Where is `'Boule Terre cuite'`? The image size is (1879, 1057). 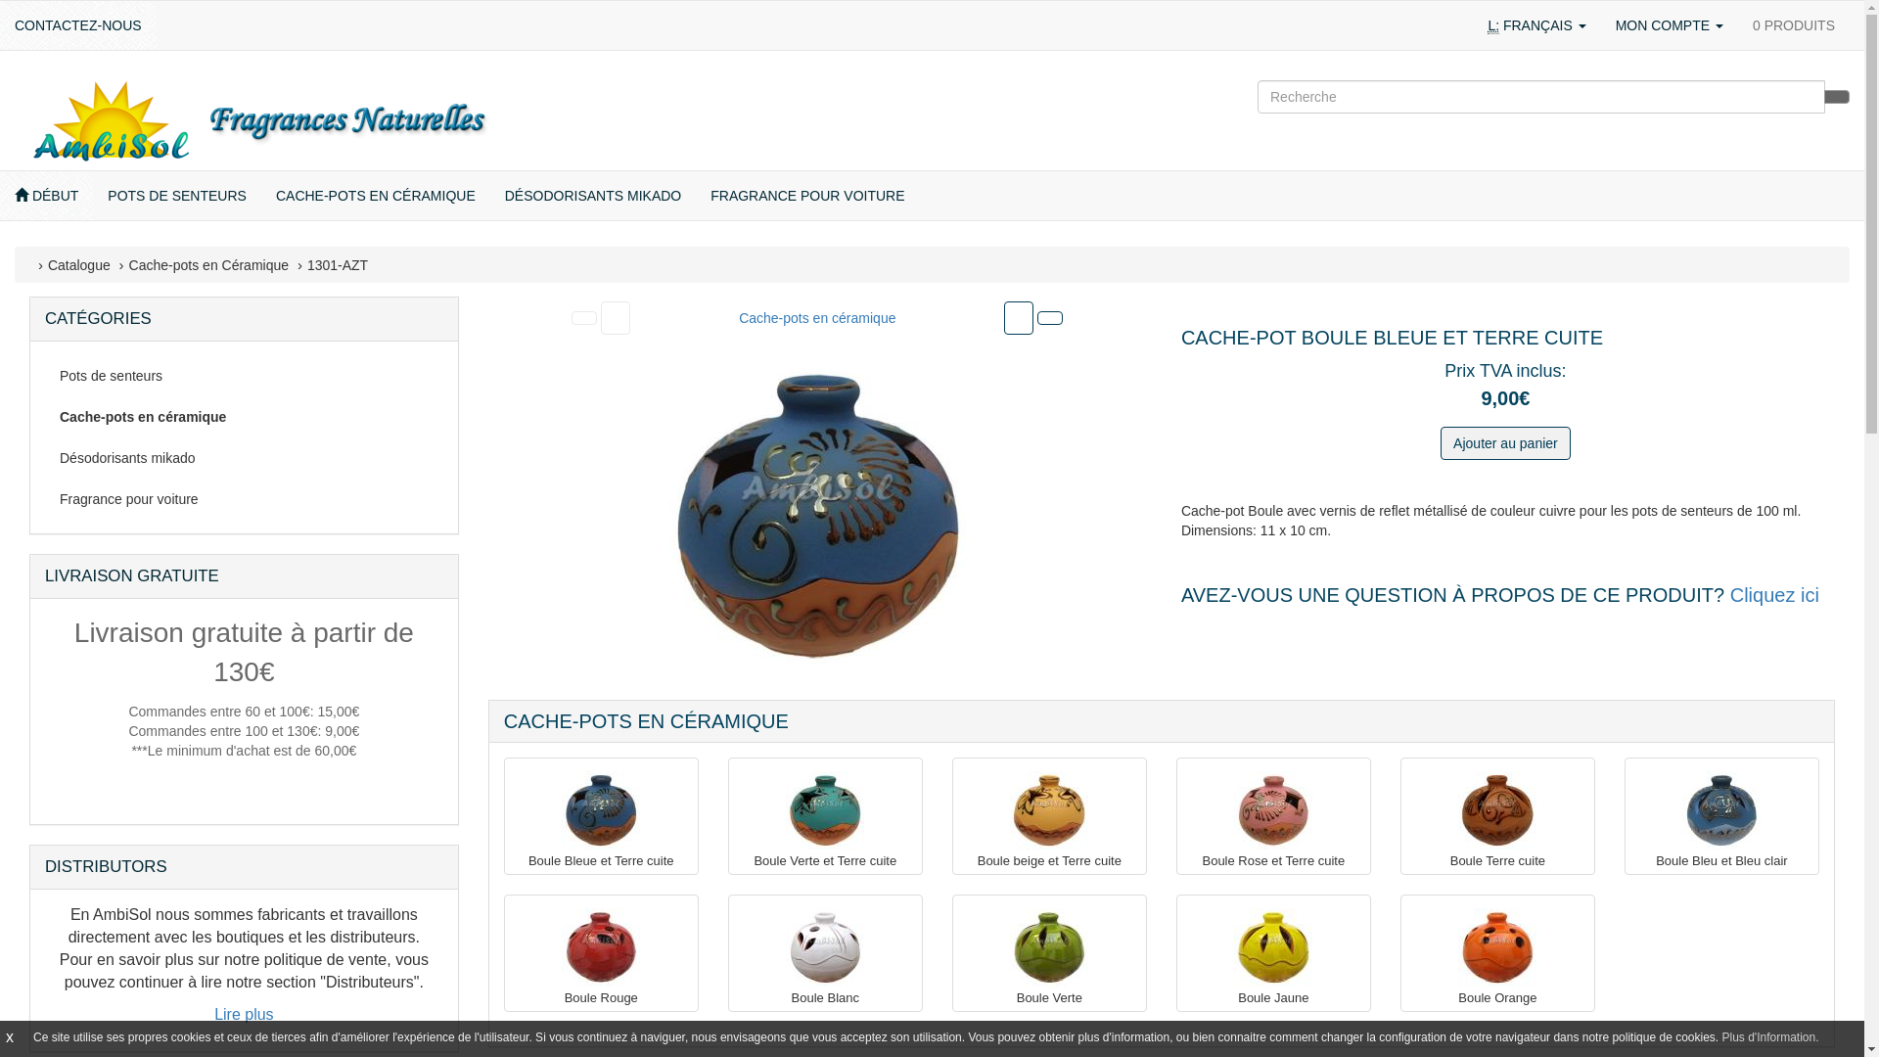 'Boule Terre cuite' is located at coordinates (1496, 810).